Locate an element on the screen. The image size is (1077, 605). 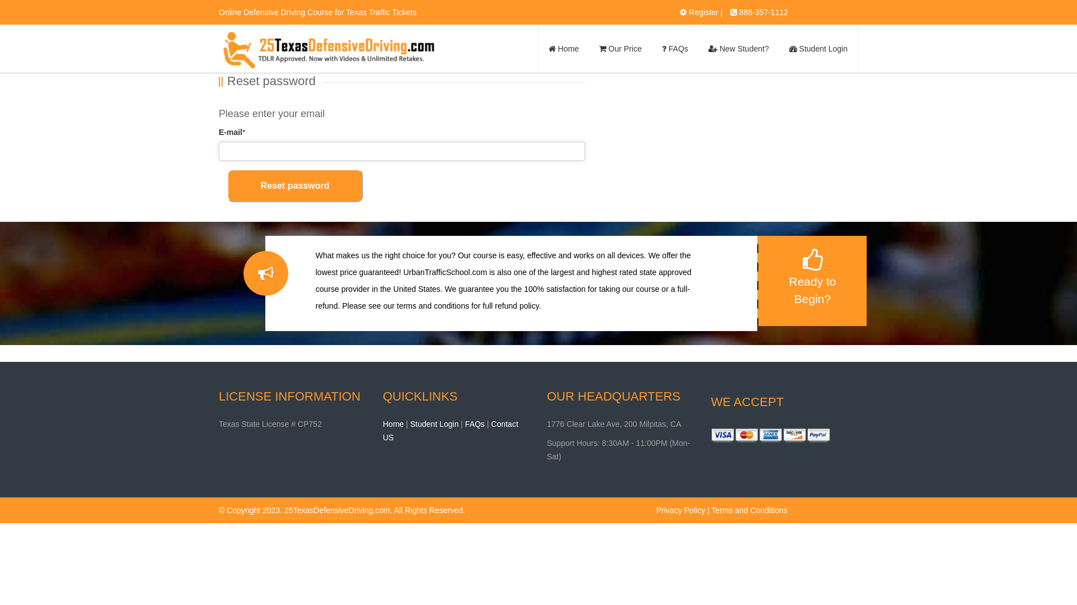
'Contact US' is located at coordinates (450, 430).